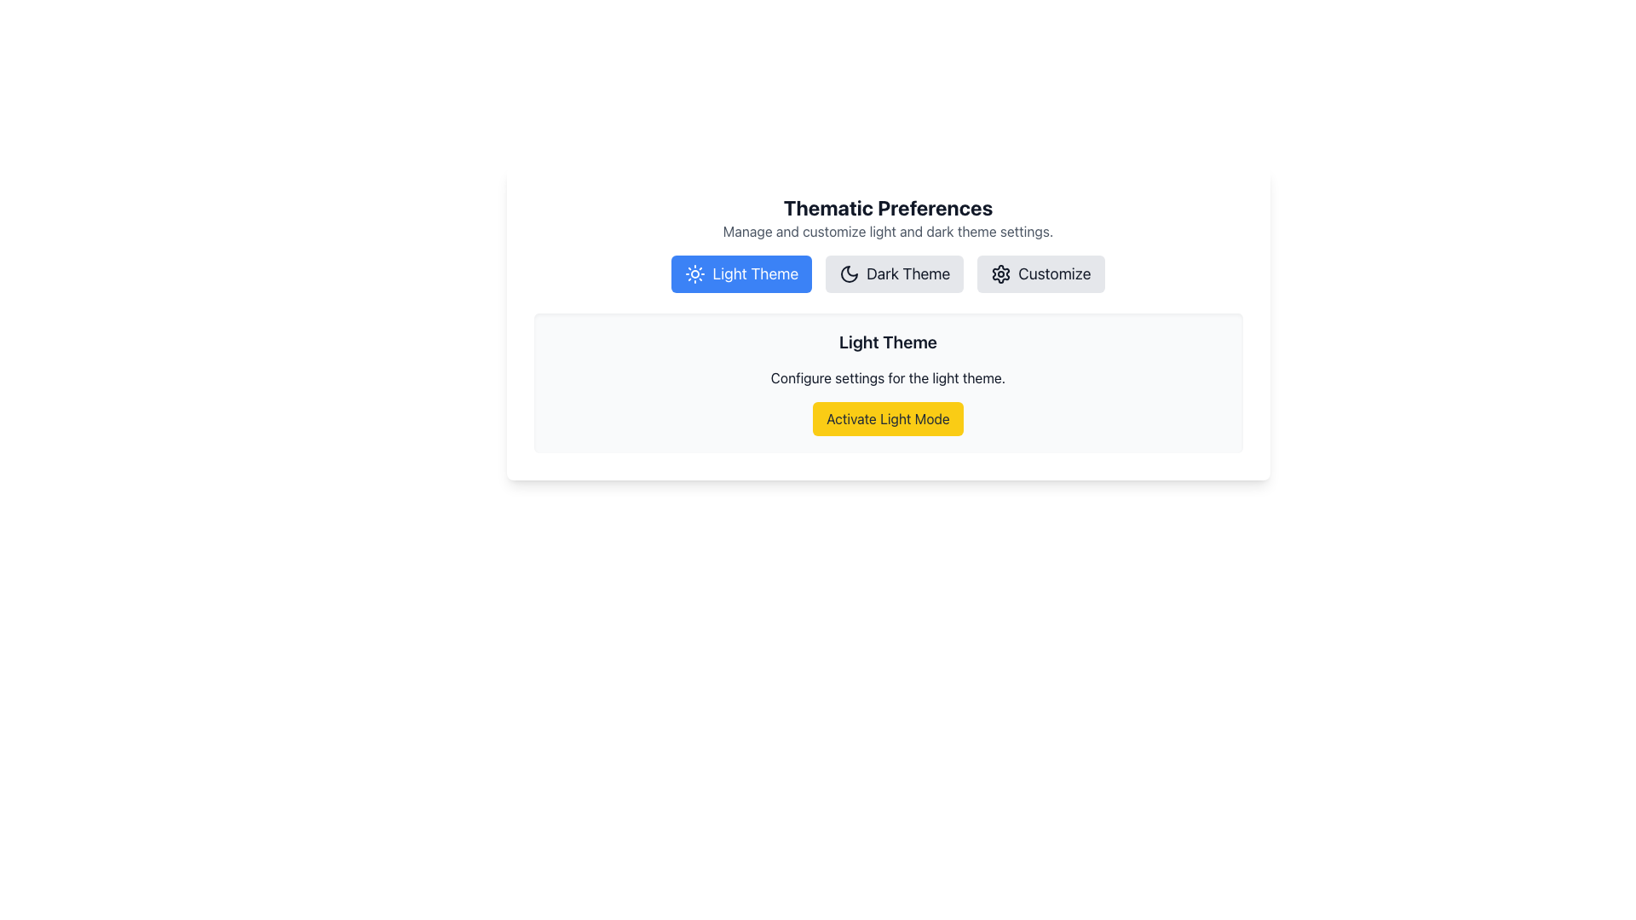  Describe the element at coordinates (894, 273) in the screenshot. I see `the 'Dark Theme' button, which is a rounded rectangular button with a gray background and black text, located between the 'Light Theme' and 'Customize' buttons` at that location.